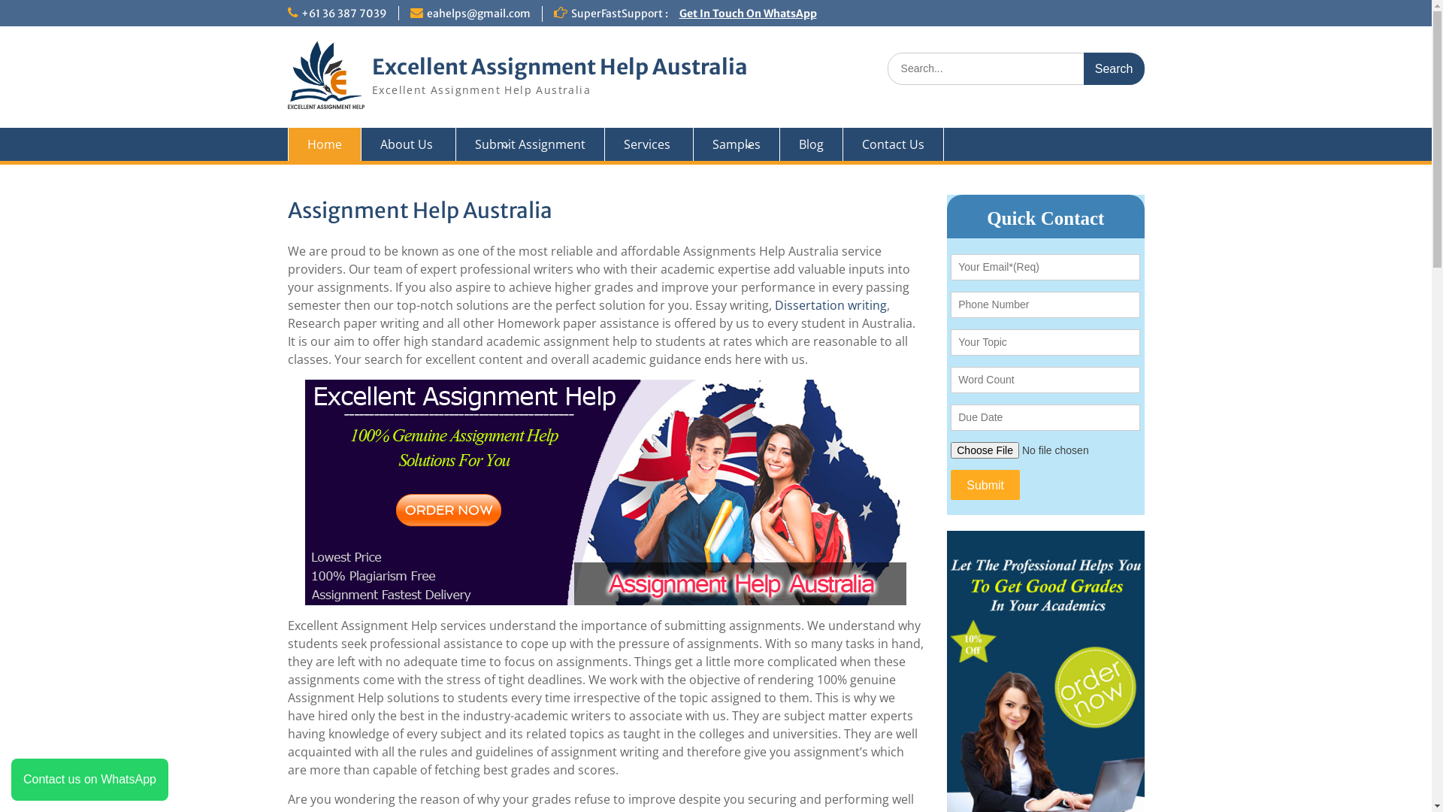  What do you see at coordinates (530, 144) in the screenshot?
I see `'Submit Assignment'` at bounding box center [530, 144].